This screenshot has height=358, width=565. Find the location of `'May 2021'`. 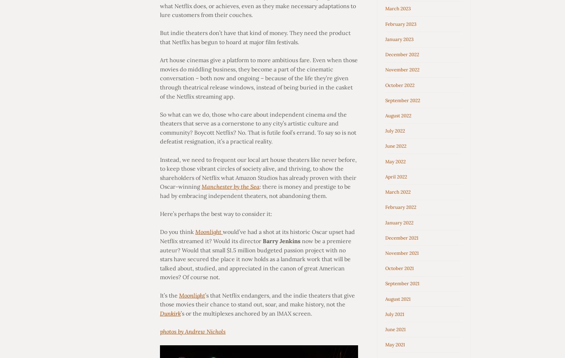

'May 2021' is located at coordinates (395, 345).